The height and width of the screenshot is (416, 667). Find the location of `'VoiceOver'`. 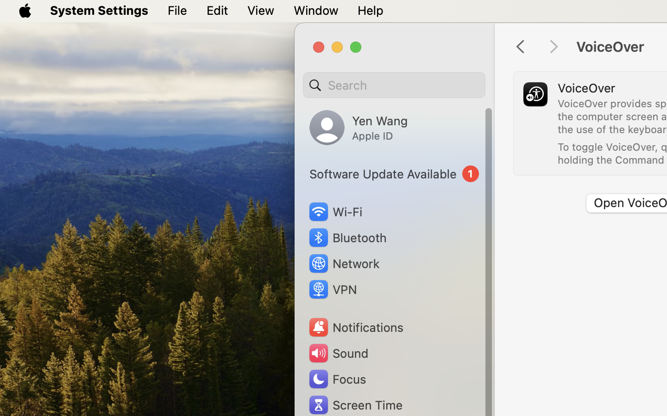

'VoiceOver' is located at coordinates (586, 87).